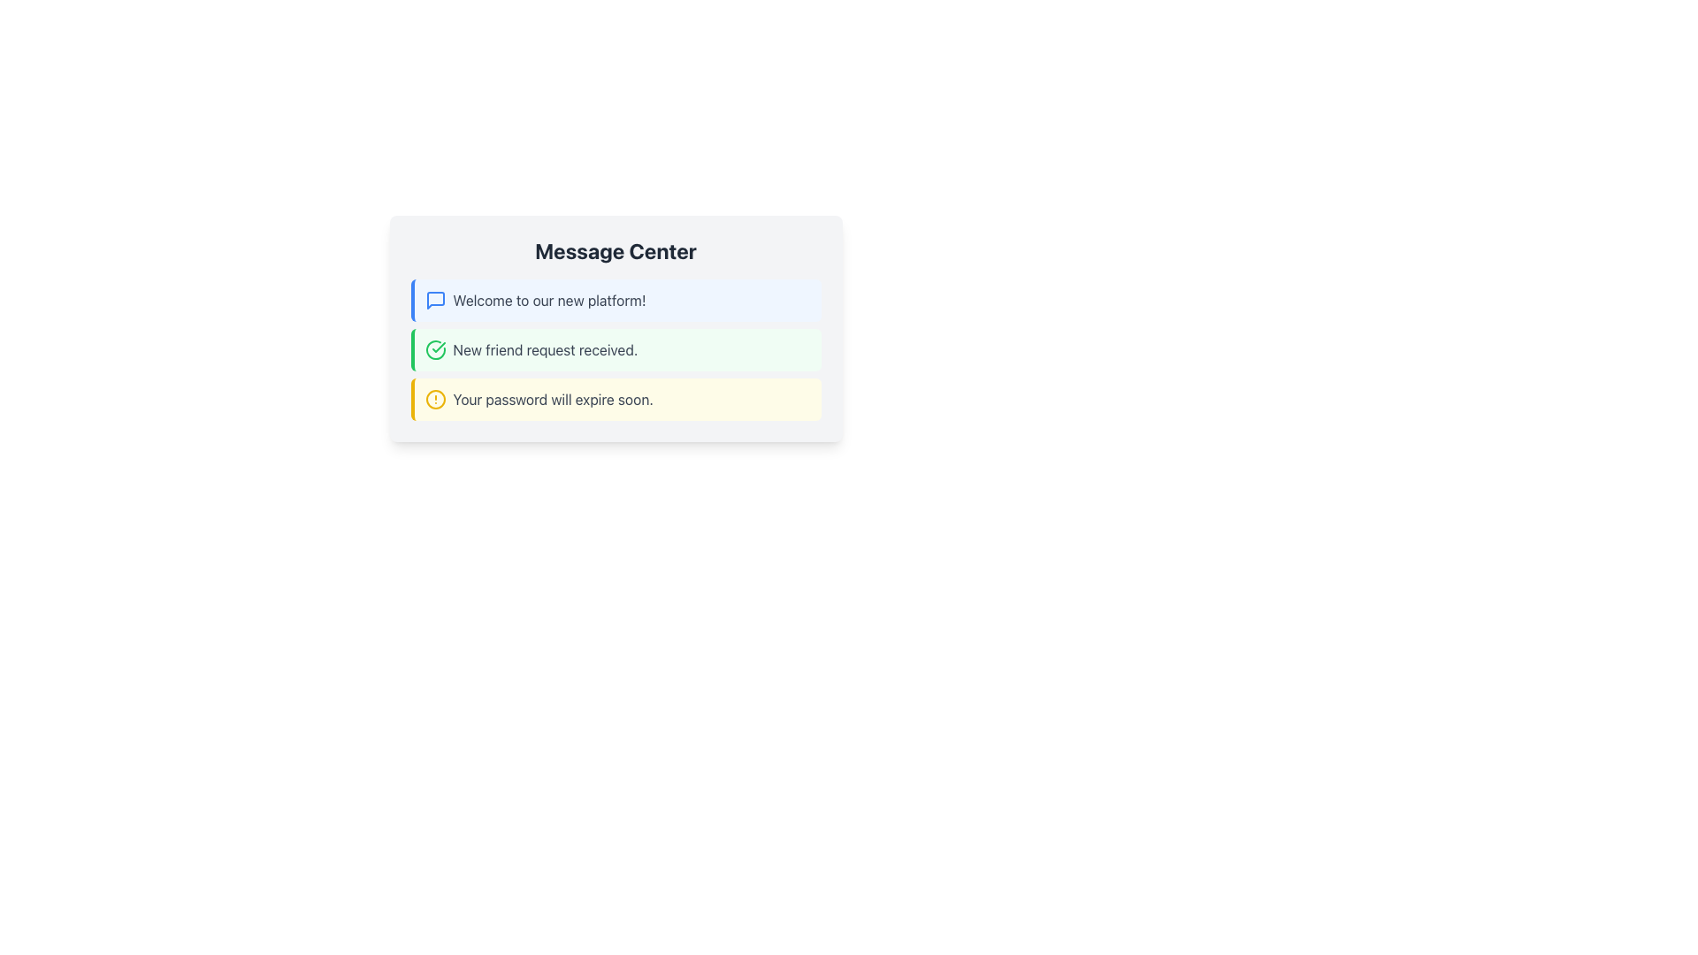 This screenshot has width=1698, height=955. I want to click on the alert indicator icon located to the left of the message 'Your password will expire soon.' in the notification list, which is the third entry, so click(435, 399).